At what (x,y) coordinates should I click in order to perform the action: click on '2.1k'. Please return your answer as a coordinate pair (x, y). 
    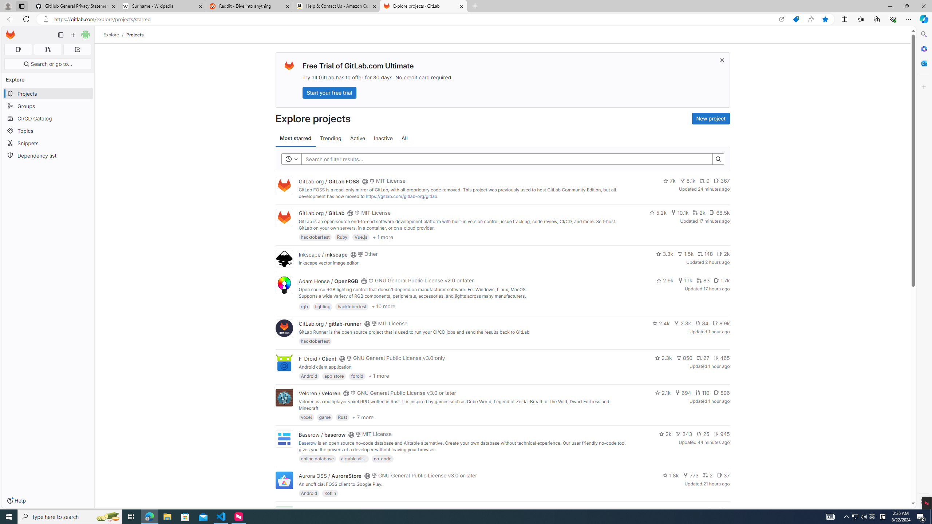
    Looking at the image, I should click on (663, 393).